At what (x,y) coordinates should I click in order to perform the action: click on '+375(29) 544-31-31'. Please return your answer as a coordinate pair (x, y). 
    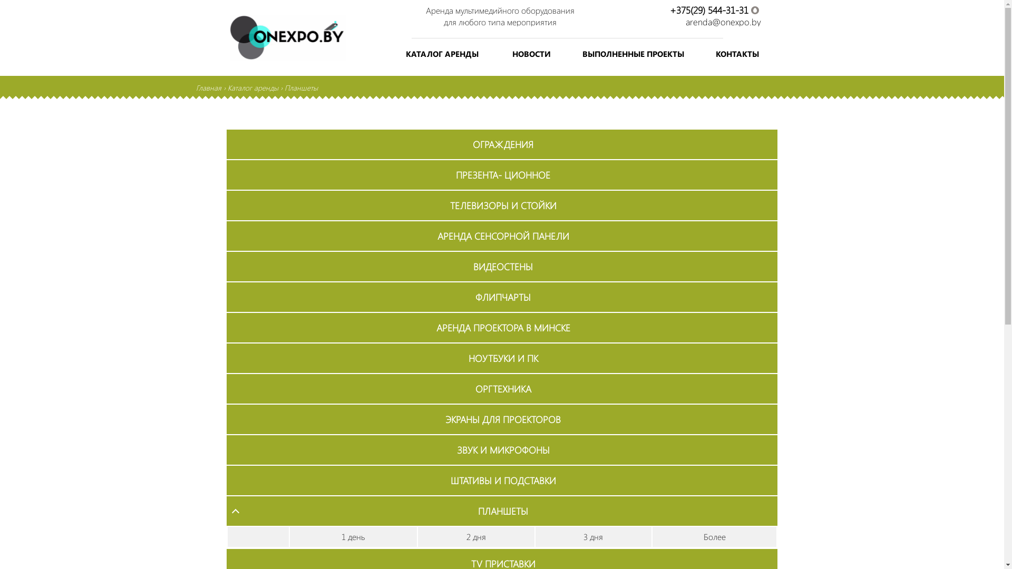
    Looking at the image, I should click on (709, 10).